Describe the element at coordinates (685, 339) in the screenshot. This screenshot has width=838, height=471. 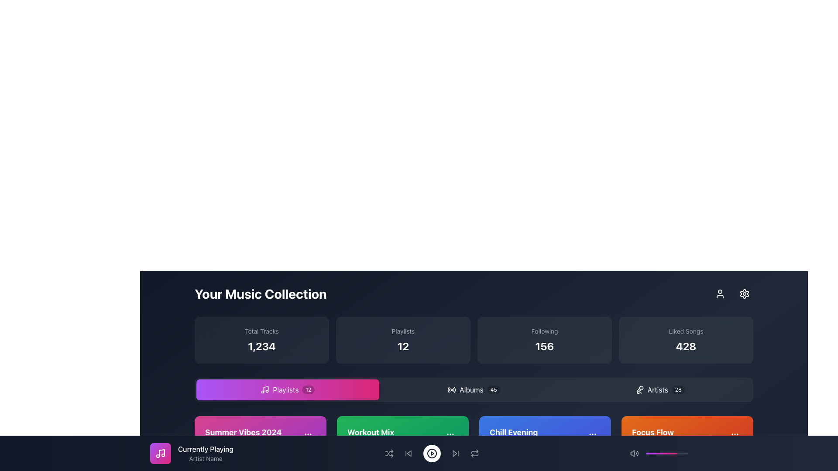
I see `the Informative card displaying the number of liked songs, which is the fourth card aligned horizontally at the far right below 'Your Music Collection'` at that location.